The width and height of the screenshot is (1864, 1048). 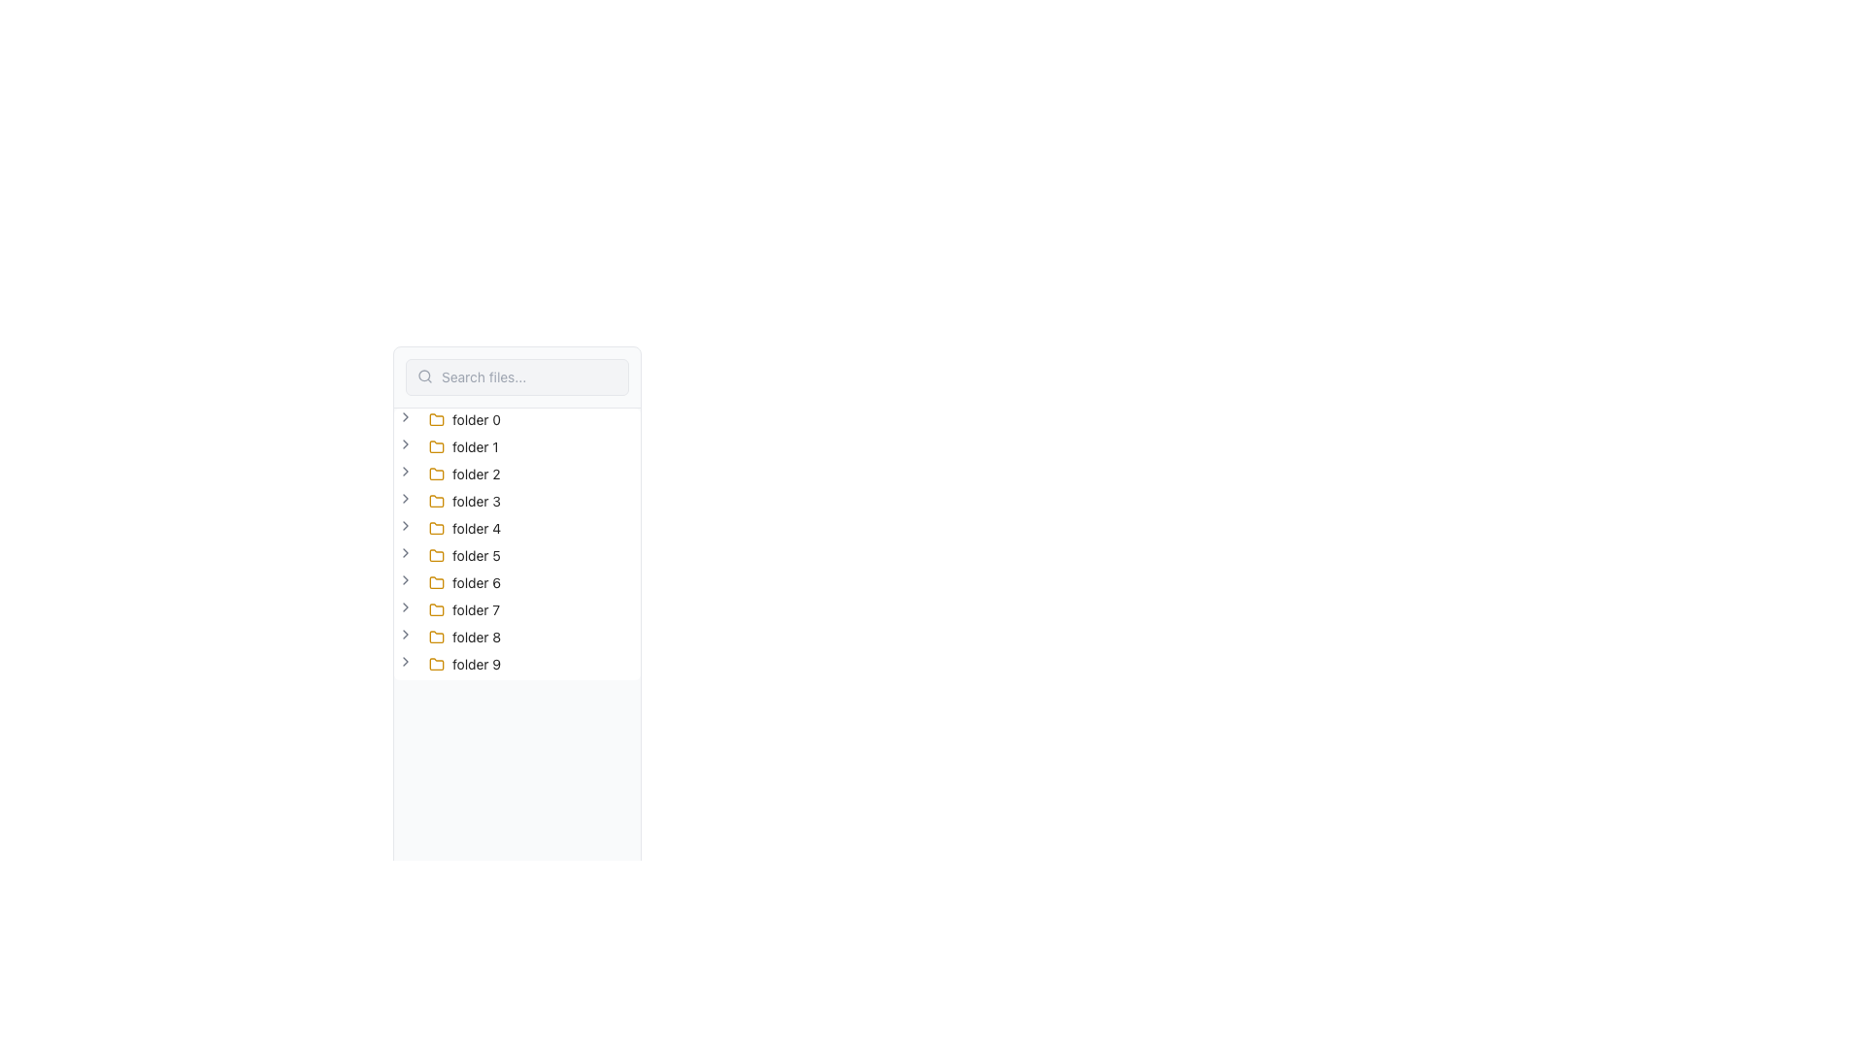 I want to click on the Chevron Right button next to 'folder 5', so click(x=404, y=553).